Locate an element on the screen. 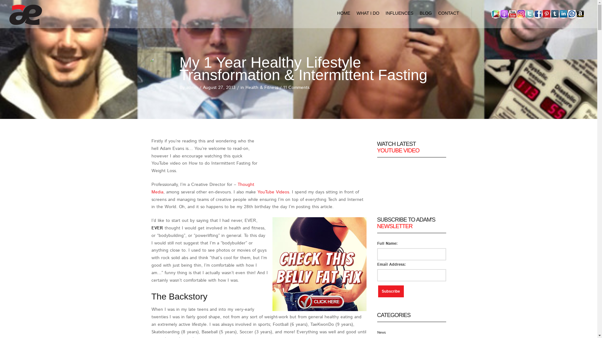 This screenshot has height=338, width=602. 'Health & Fitness' is located at coordinates (261, 88).